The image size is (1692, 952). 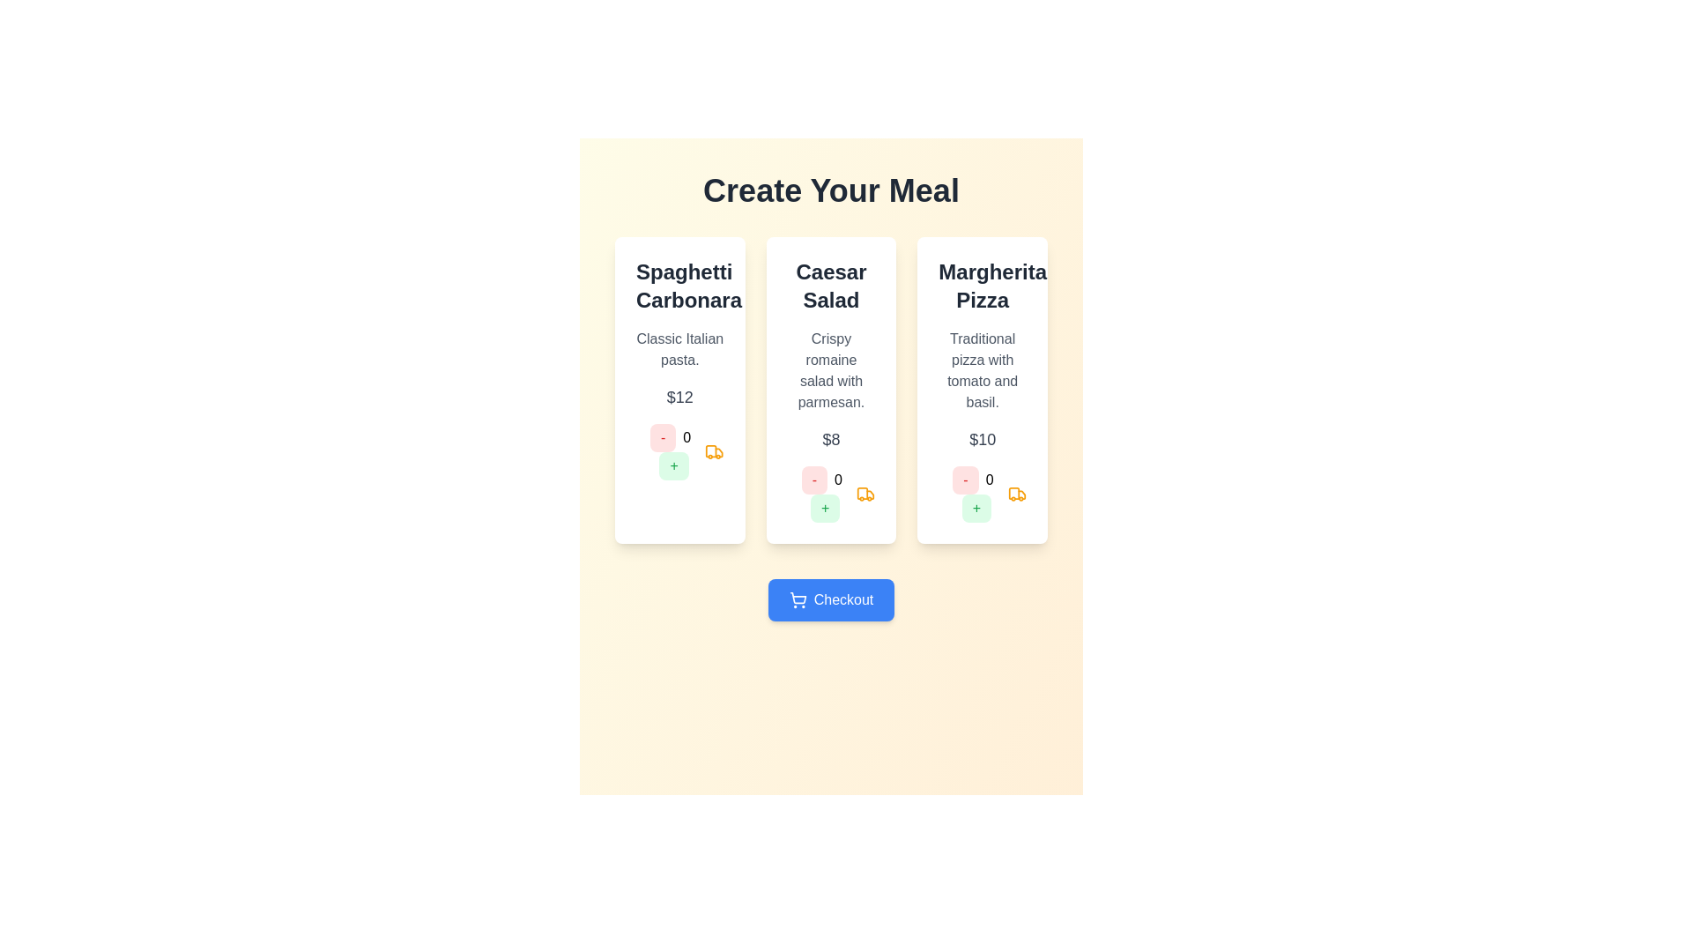 What do you see at coordinates (679, 398) in the screenshot?
I see `the price label displaying the cost of 'Spaghetti Carbonara', which is positioned below the description text and above the order quantity controls` at bounding box center [679, 398].